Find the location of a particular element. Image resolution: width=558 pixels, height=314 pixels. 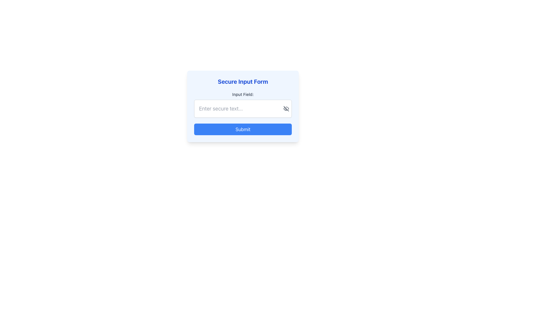

the submit button located below the 'Enter secure text...' input field in the 'Secure Input Form' to change its color is located at coordinates (243, 129).